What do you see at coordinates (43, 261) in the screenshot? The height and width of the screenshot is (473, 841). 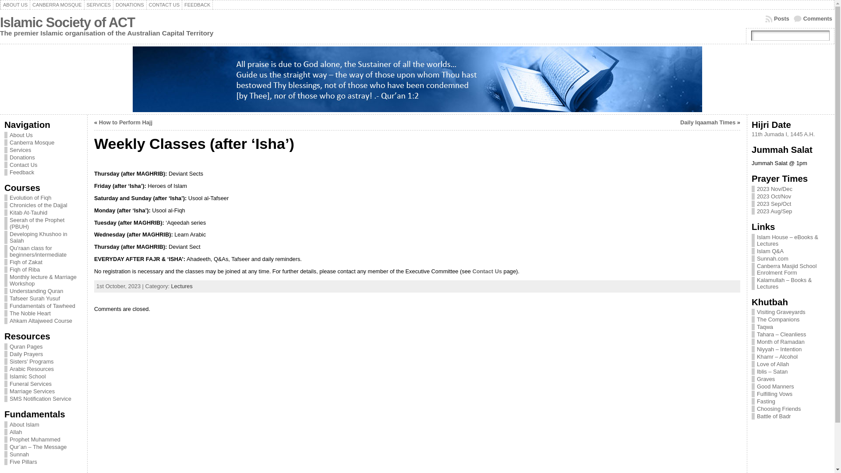 I see `'Fiqh of Zakat'` at bounding box center [43, 261].